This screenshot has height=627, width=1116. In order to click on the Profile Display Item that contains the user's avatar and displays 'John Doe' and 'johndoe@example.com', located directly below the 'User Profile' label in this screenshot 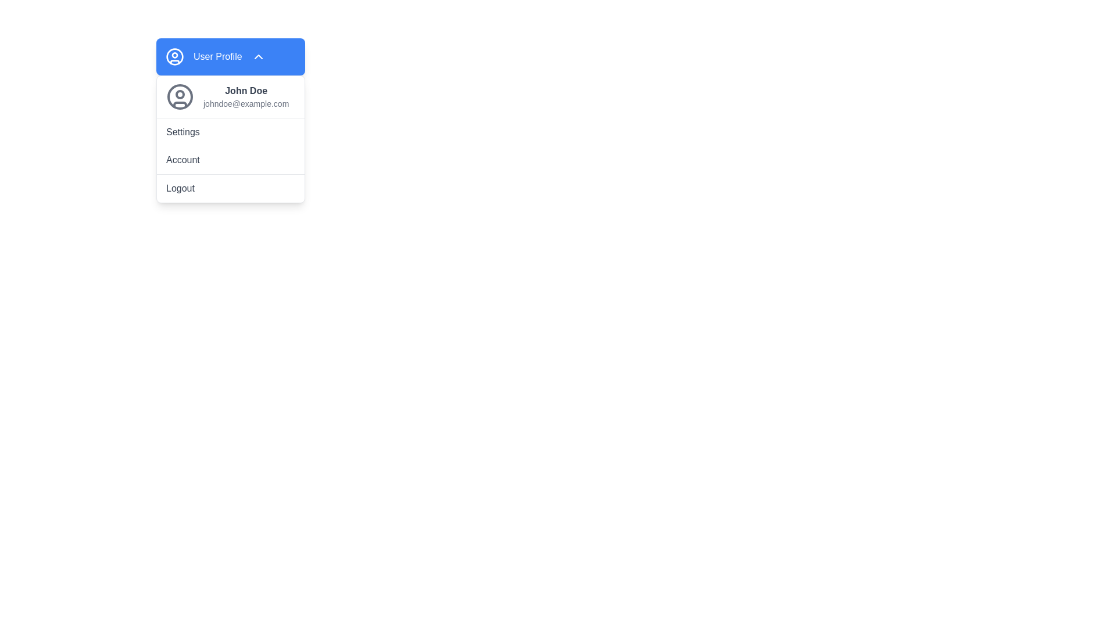, I will do `click(231, 96)`.